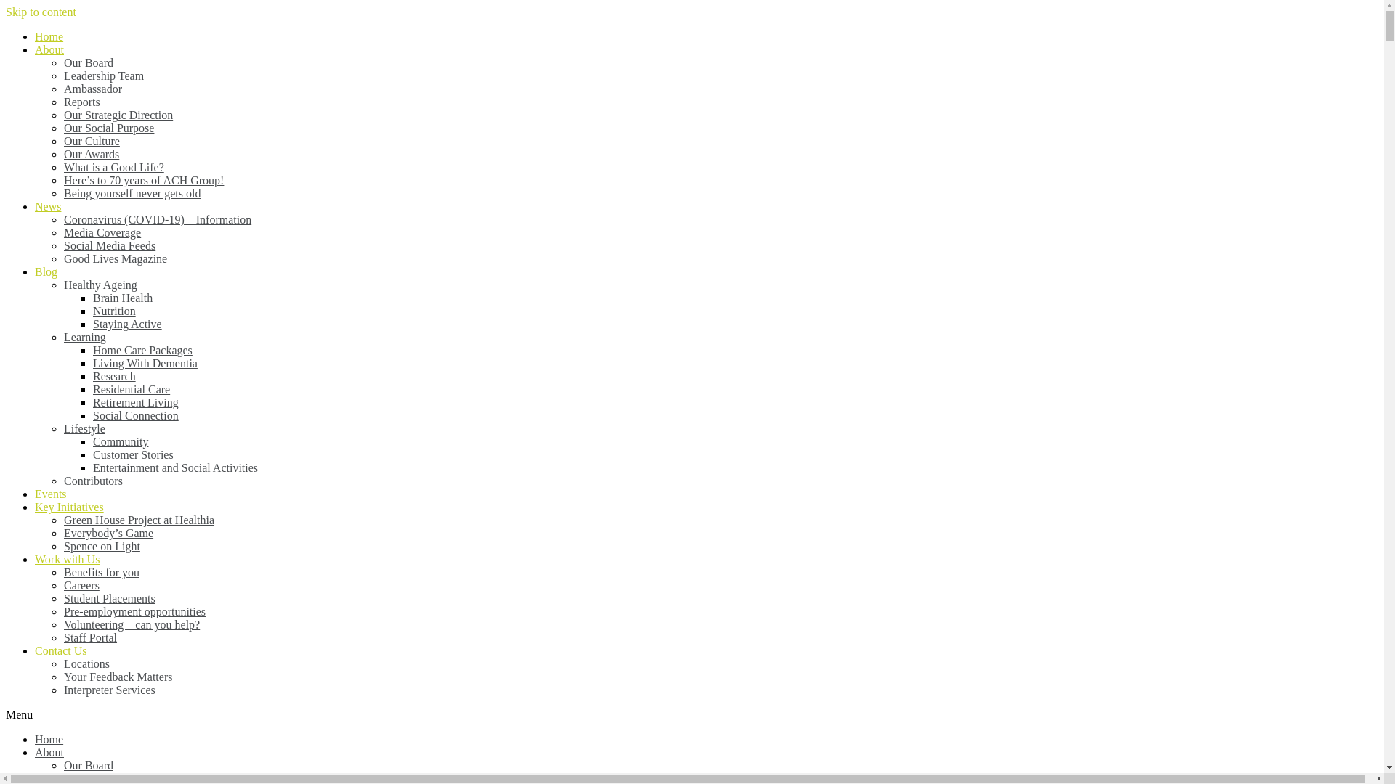 The image size is (1395, 784). Describe the element at coordinates (132, 388) in the screenshot. I see `'Residential Care'` at that location.